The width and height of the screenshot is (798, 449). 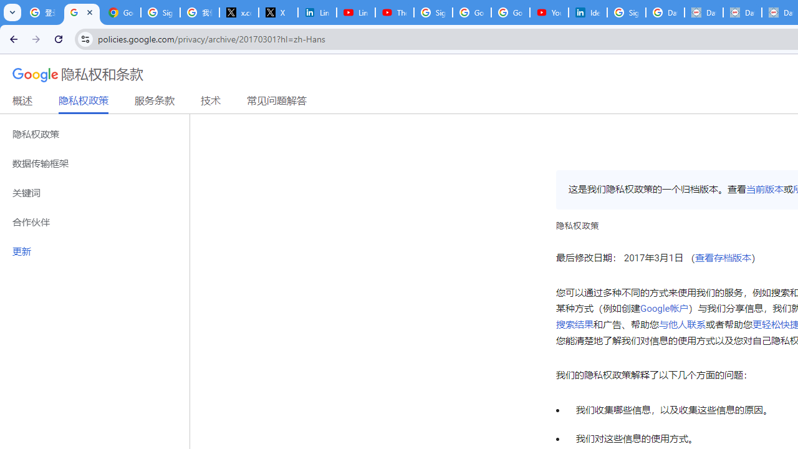 I want to click on 'Sign in - Google Accounts', so click(x=626, y=12).